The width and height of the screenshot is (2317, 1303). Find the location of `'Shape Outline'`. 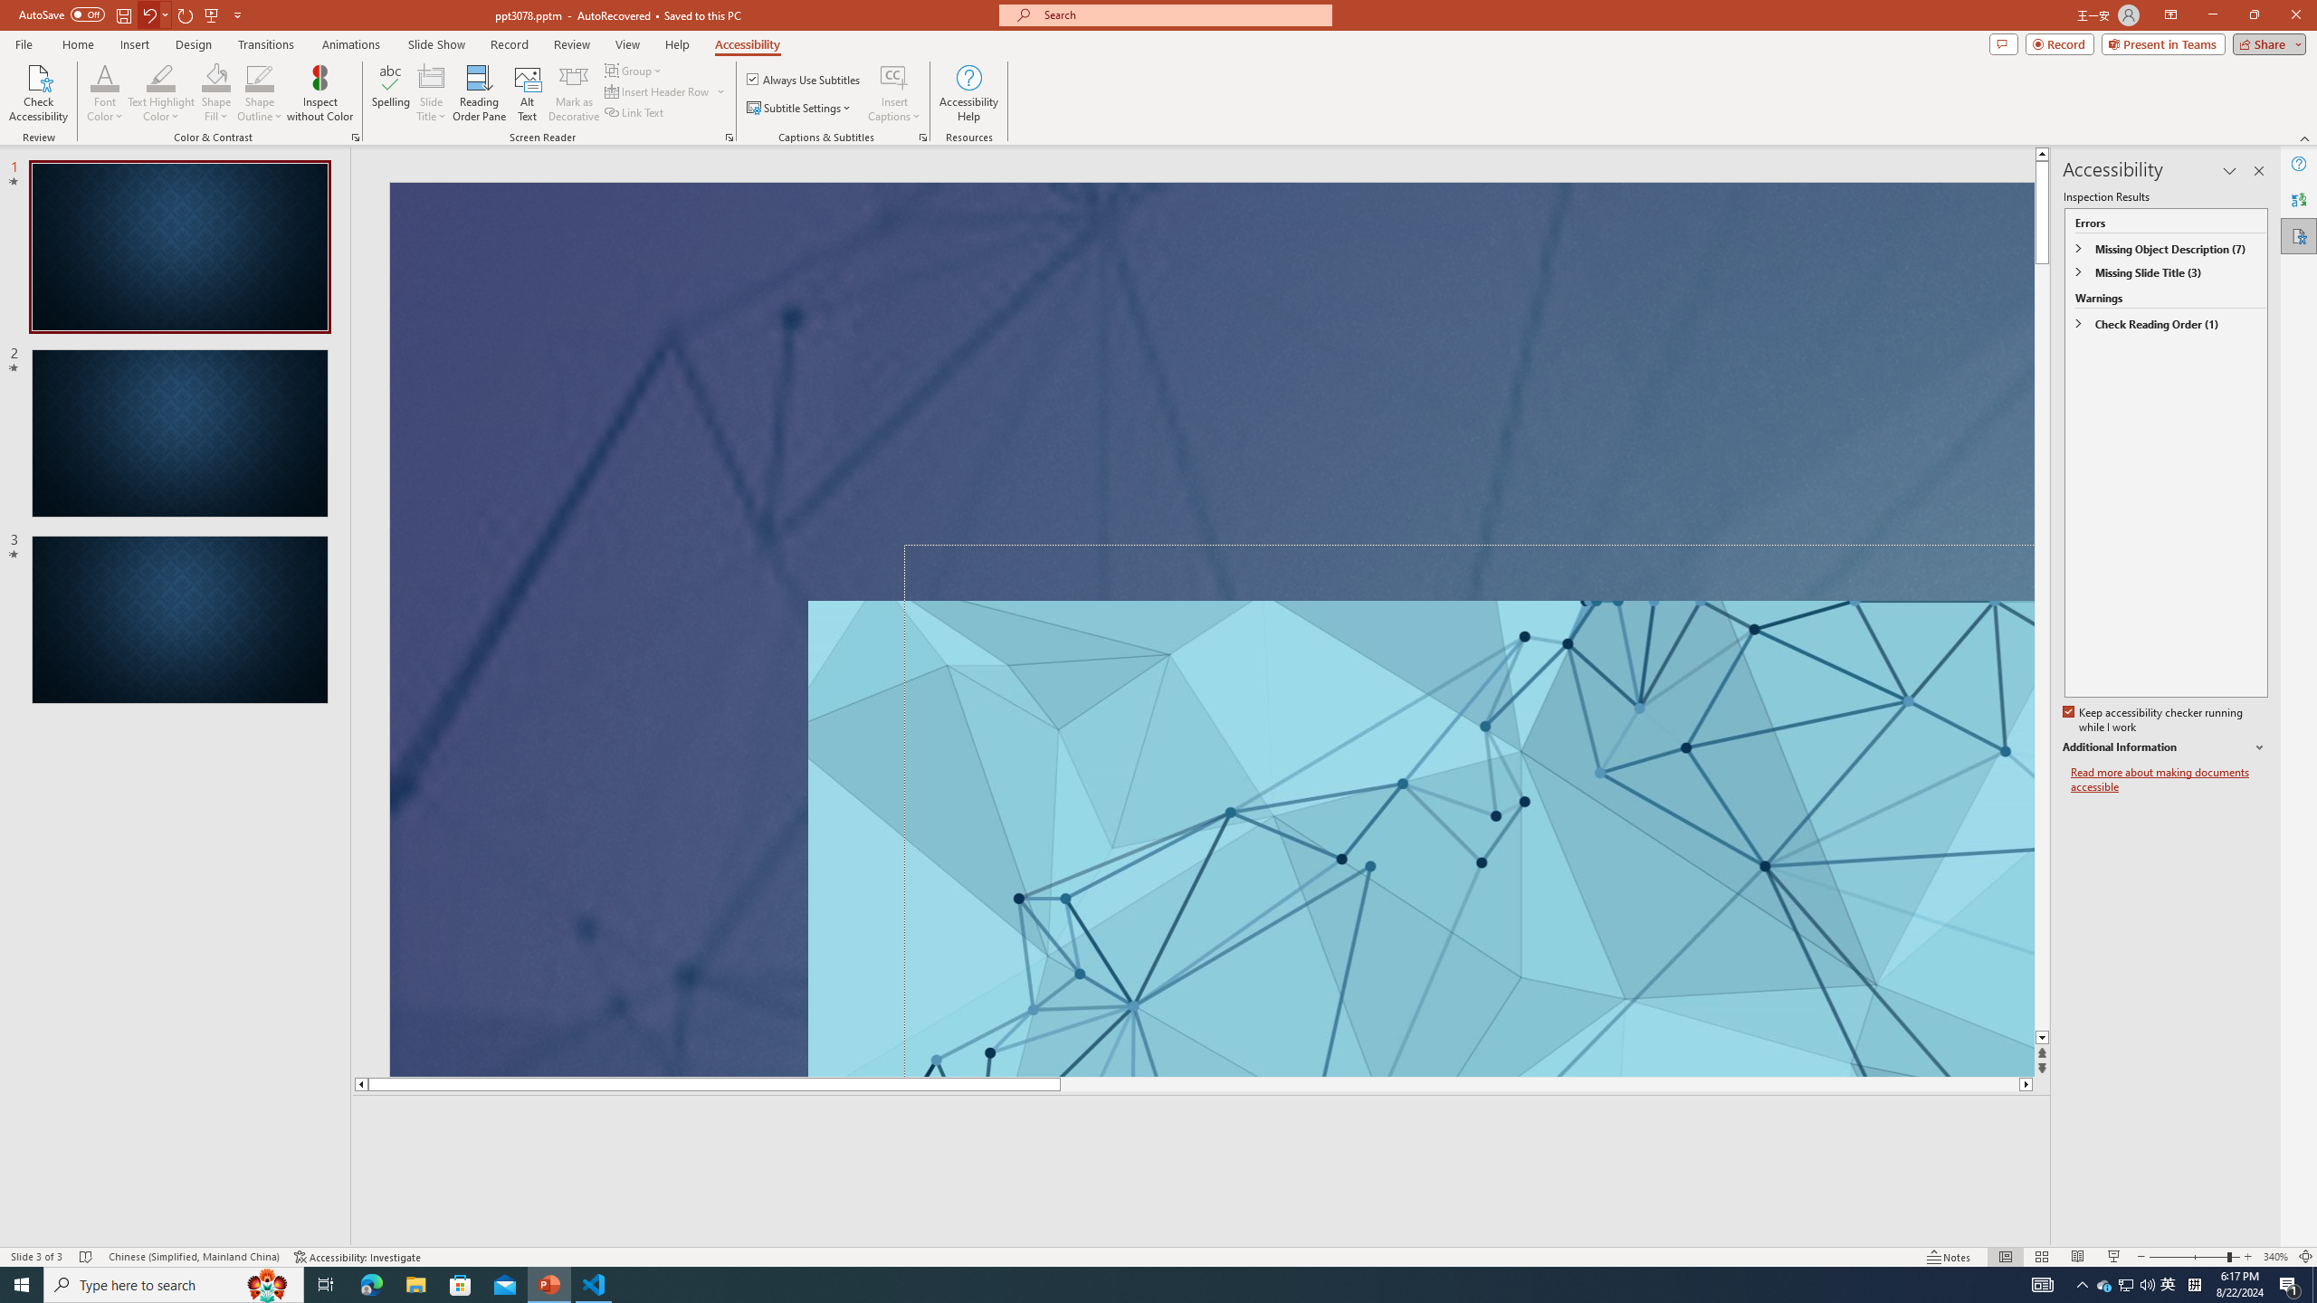

'Shape Outline' is located at coordinates (261, 93).